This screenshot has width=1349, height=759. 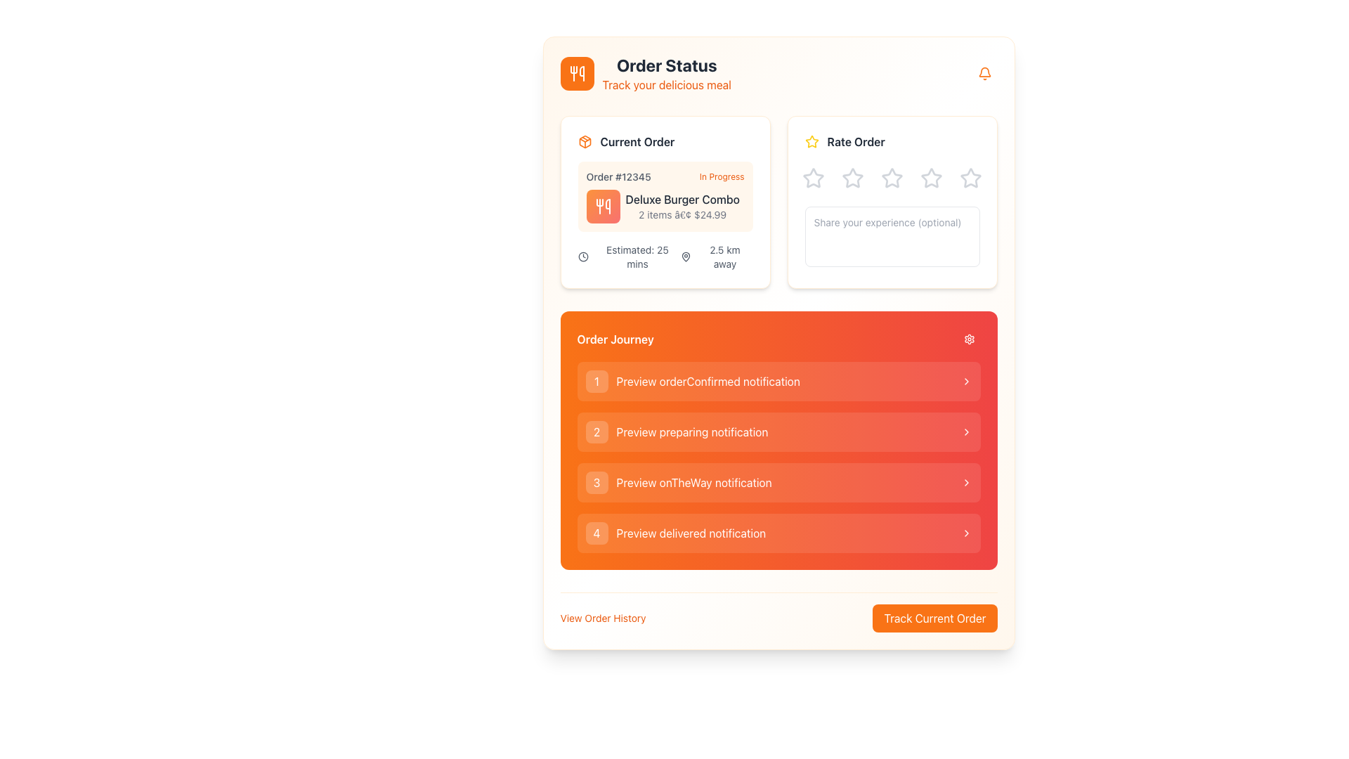 What do you see at coordinates (725, 257) in the screenshot?
I see `the static text label indicating the distance of 2.5 km located in the bottom-right corner of the 'Current Order' card under the map pin icon` at bounding box center [725, 257].